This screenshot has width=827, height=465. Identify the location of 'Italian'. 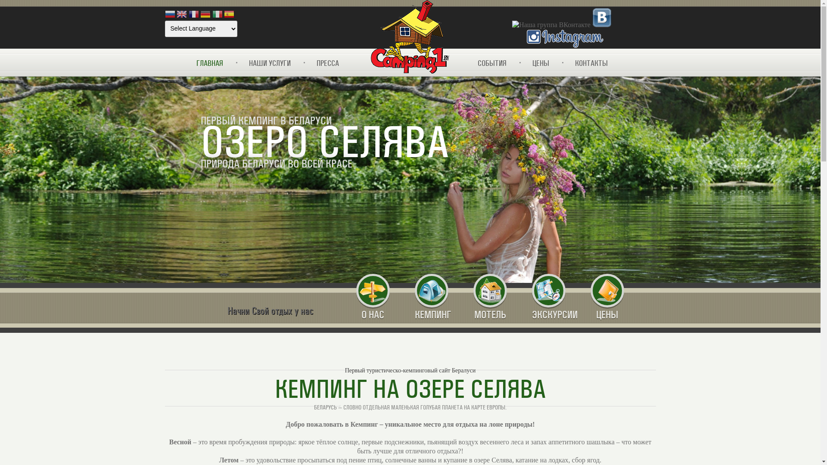
(217, 15).